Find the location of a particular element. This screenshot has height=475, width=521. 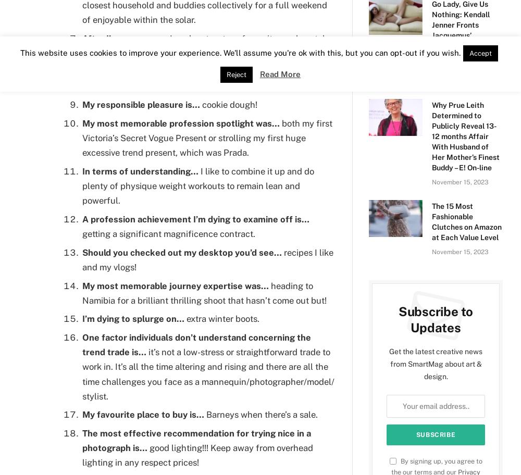

'Why Prue Leith Determined to Publicly Reveal 13-12 months Affair With Husband of Her Mother’s Finest Buddy – E! On-line' is located at coordinates (465, 136).